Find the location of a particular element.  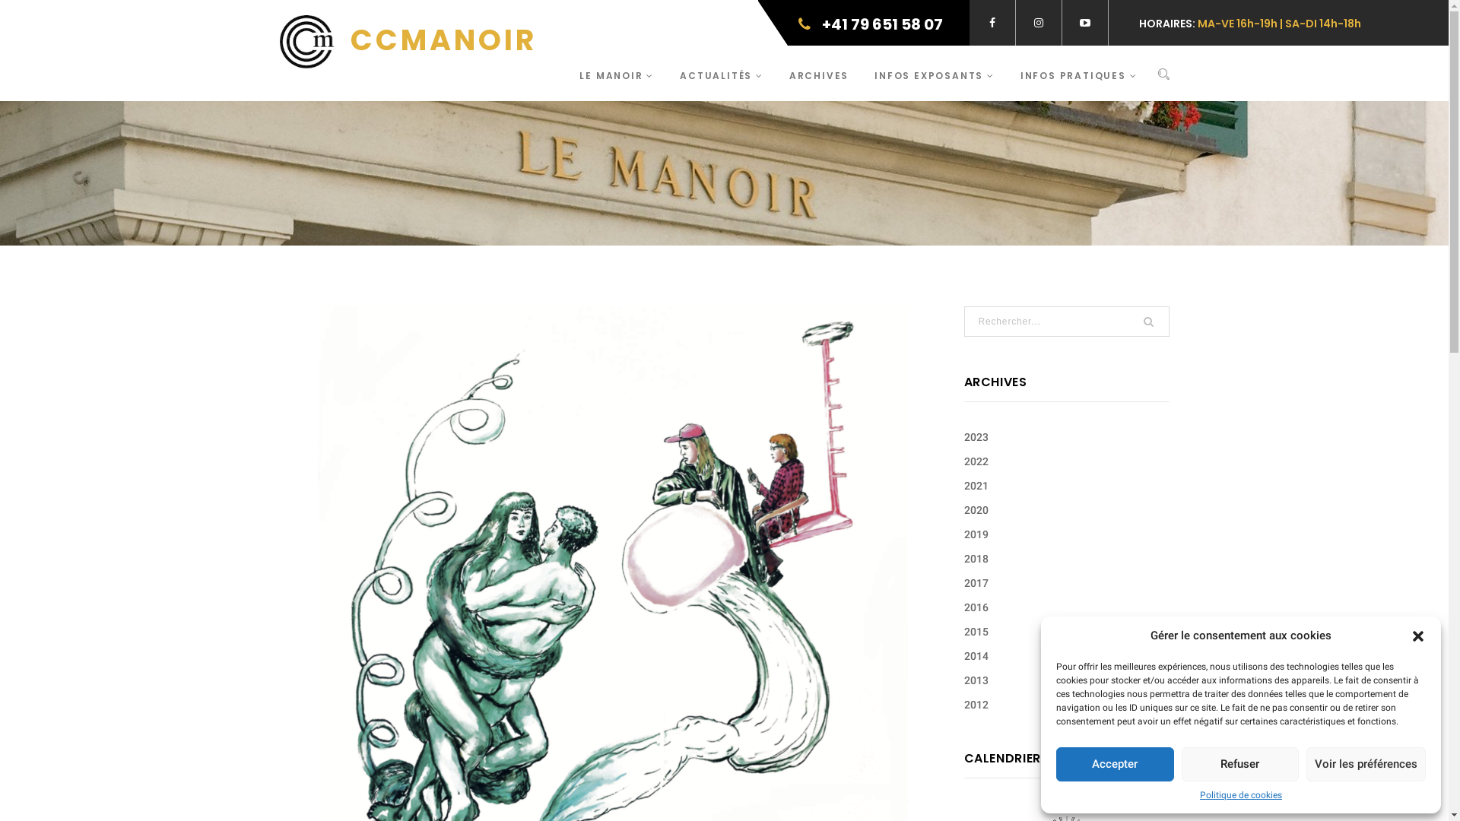

'CCMANOIR' is located at coordinates (408, 40).